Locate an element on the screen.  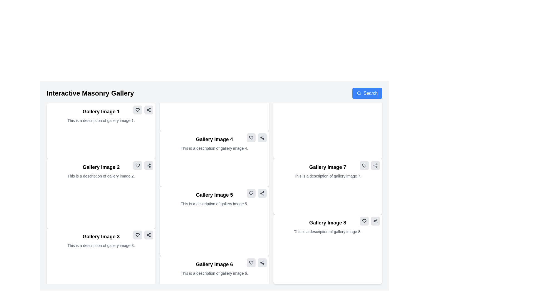
text content of the description label located directly beneath the header 'Gallery Image 1' in the top-left grid box of the gallery layout is located at coordinates (101, 120).